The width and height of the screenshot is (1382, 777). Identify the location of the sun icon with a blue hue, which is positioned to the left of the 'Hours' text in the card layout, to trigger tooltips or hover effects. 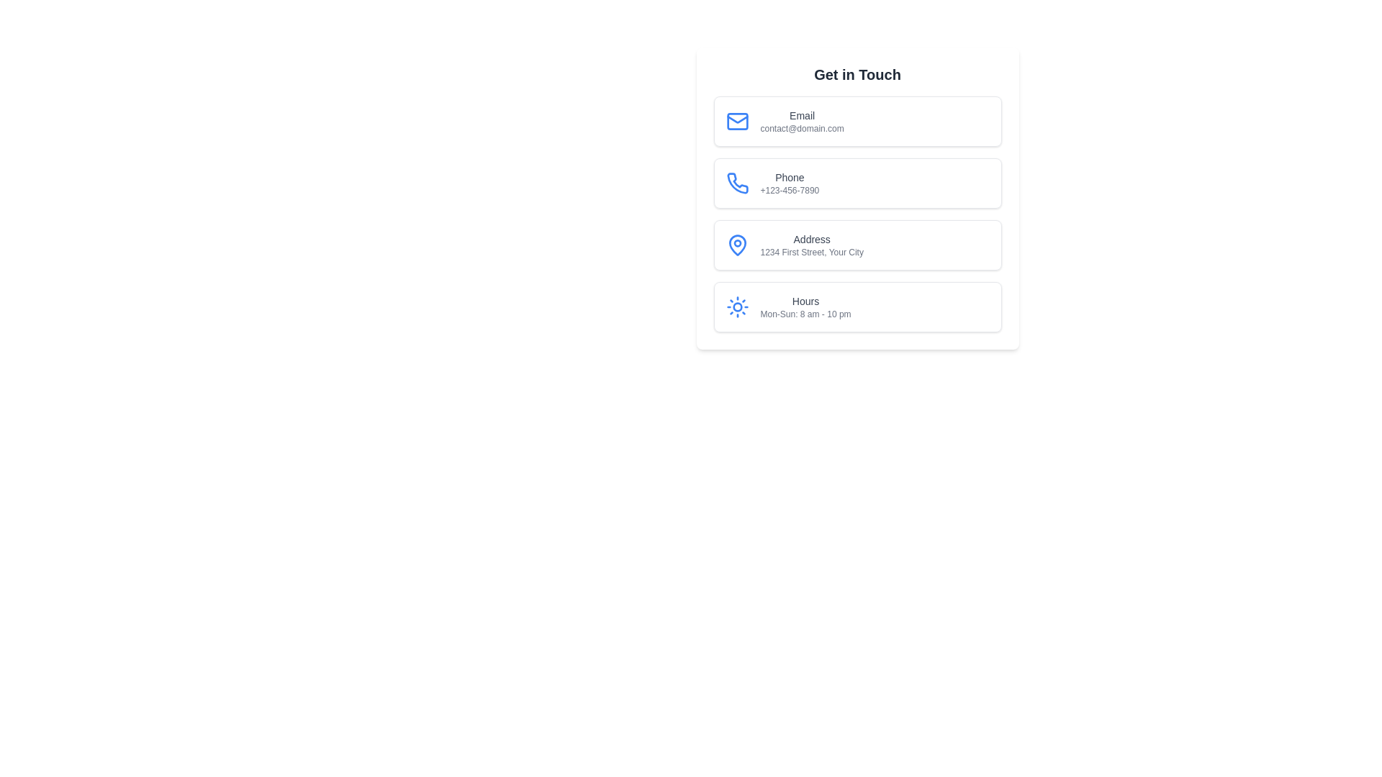
(737, 306).